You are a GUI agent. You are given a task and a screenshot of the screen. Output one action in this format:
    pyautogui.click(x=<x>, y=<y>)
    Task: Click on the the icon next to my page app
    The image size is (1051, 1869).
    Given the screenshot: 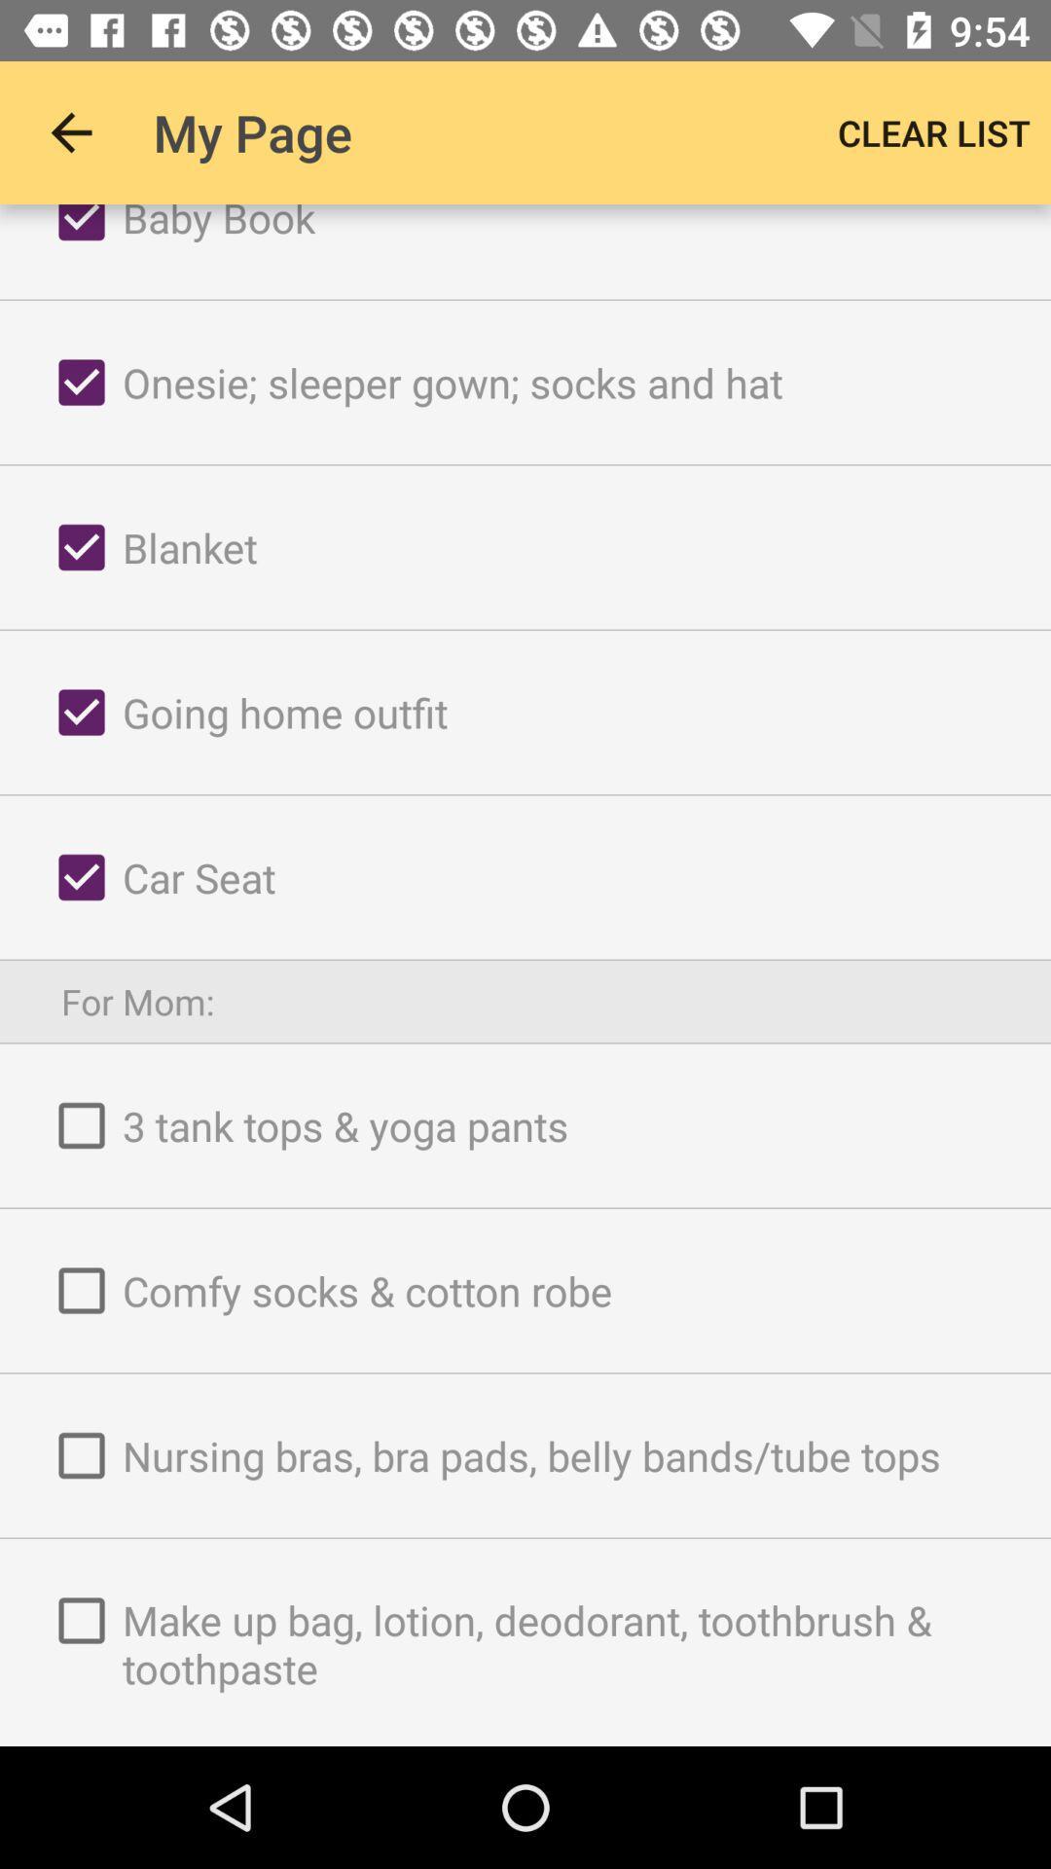 What is the action you would take?
    pyautogui.click(x=70, y=131)
    